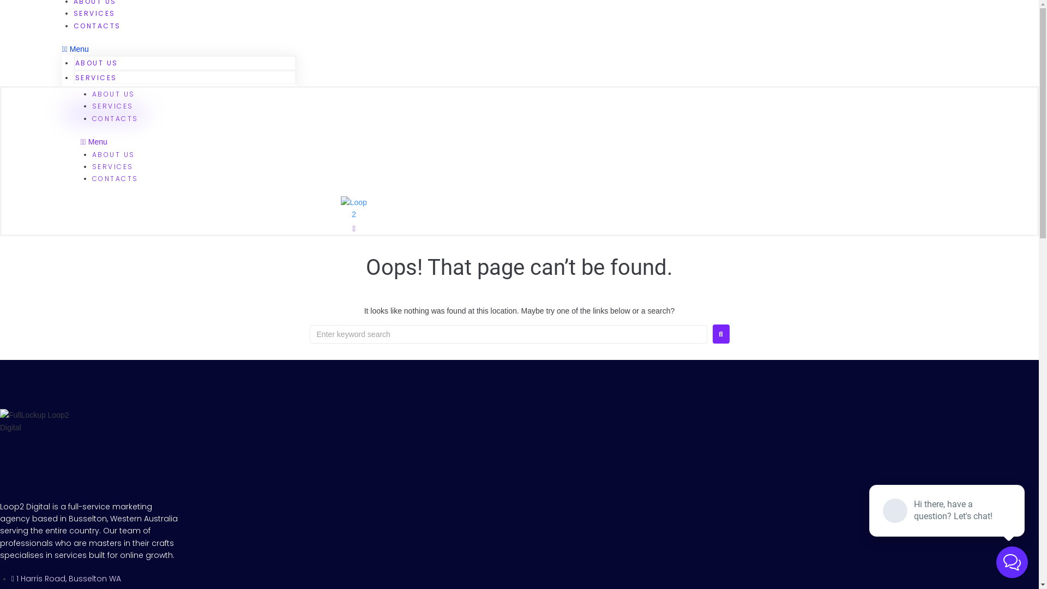 The width and height of the screenshot is (1047, 589). I want to click on 'SERVICES', so click(112, 106).